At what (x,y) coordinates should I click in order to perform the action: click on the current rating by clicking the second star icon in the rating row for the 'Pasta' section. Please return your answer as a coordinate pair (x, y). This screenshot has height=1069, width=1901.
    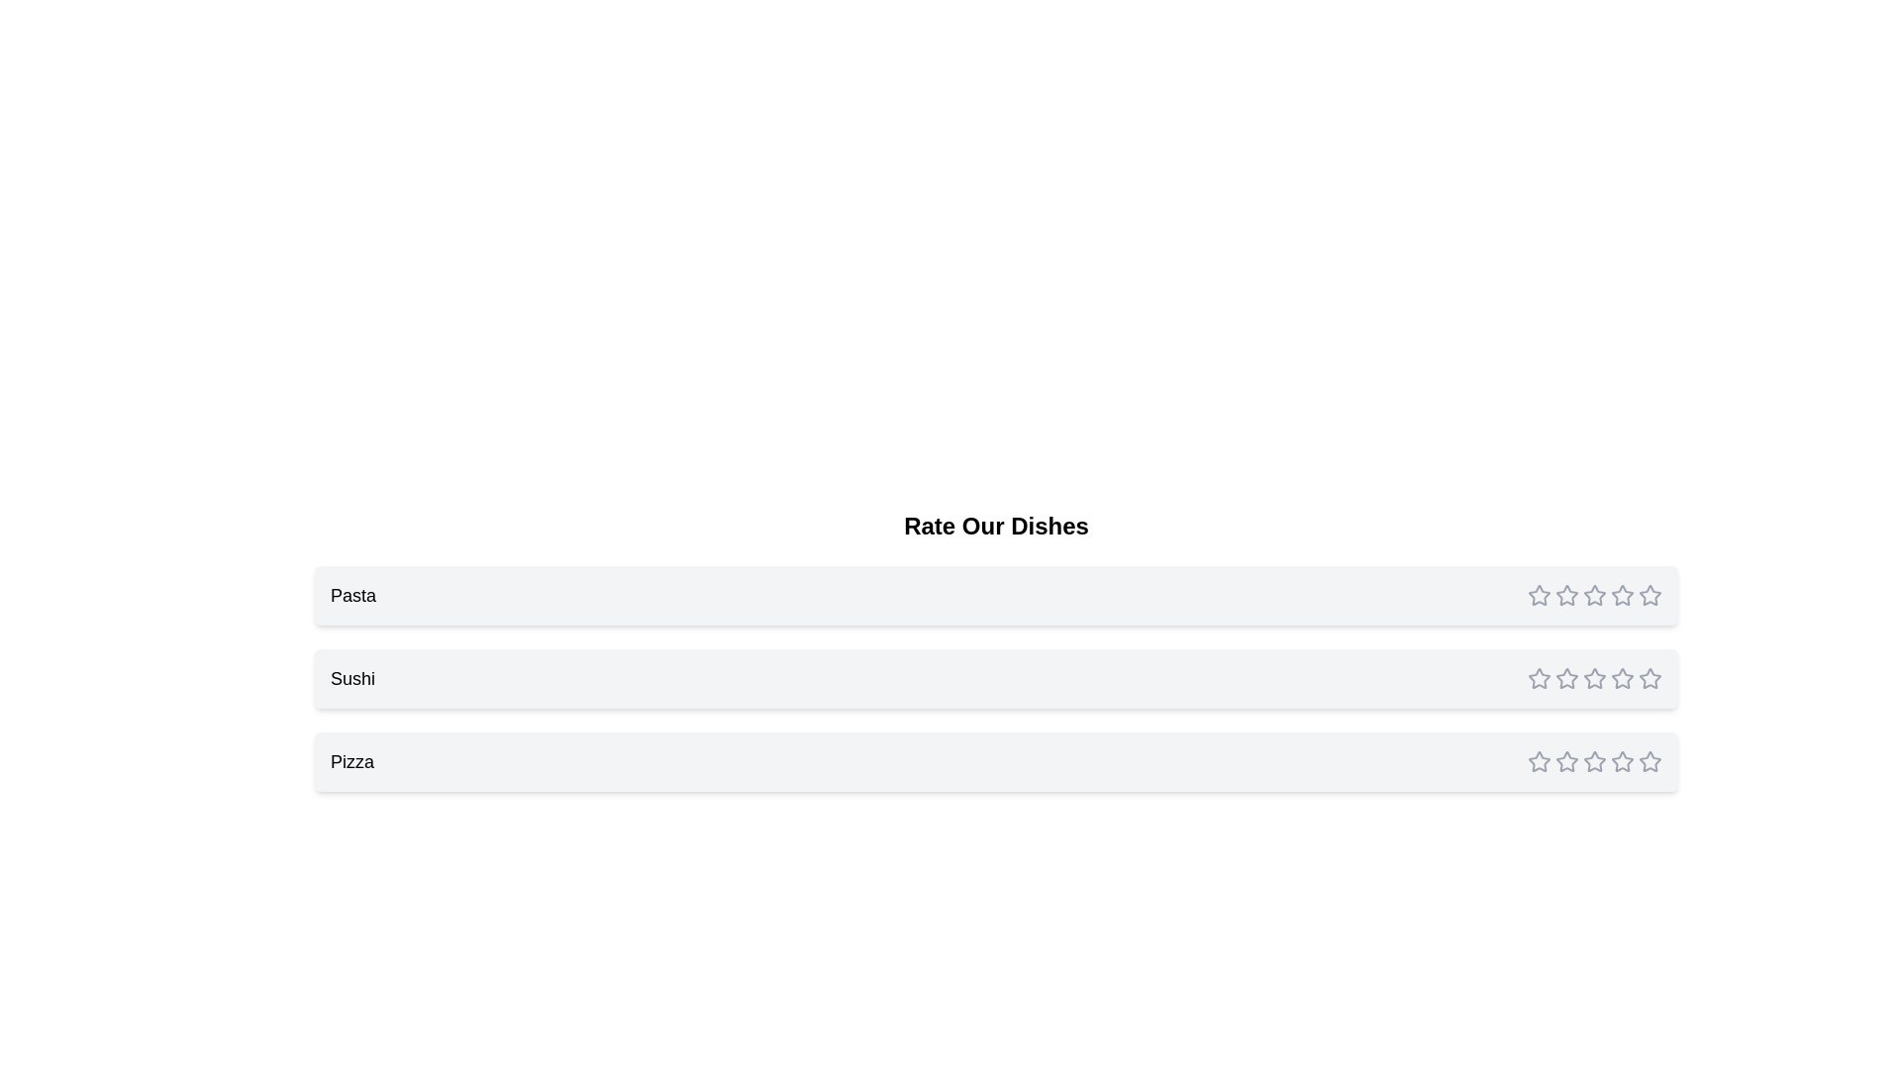
    Looking at the image, I should click on (1595, 594).